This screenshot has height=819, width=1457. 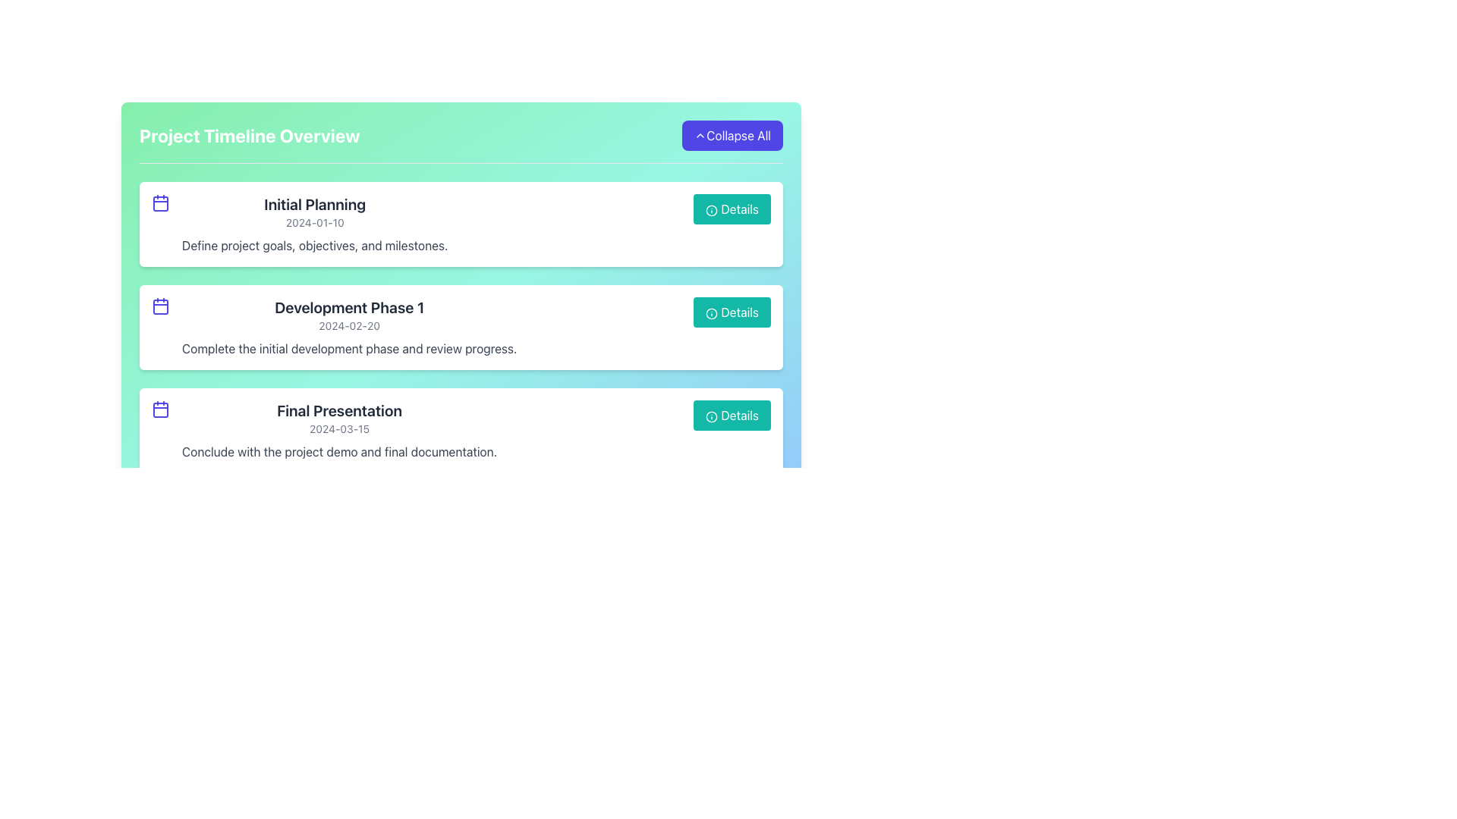 I want to click on the static text label displaying the date '2024-03-15' located below the title 'Final Presentation' in the timeline view, so click(x=338, y=429).